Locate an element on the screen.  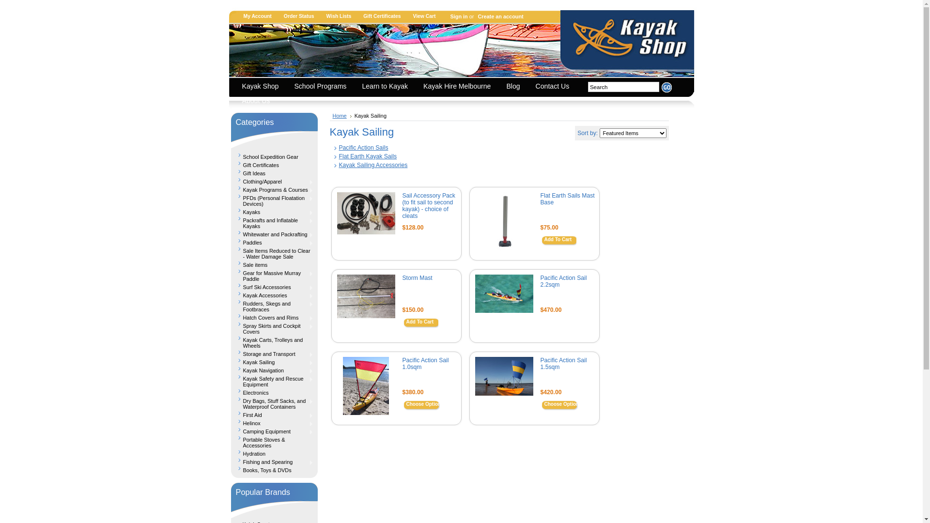
'Hydration' is located at coordinates (273, 452).